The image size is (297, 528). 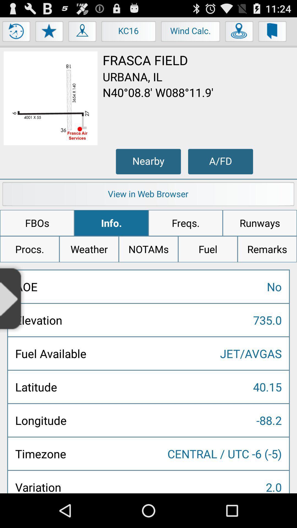 I want to click on location, so click(x=239, y=32).